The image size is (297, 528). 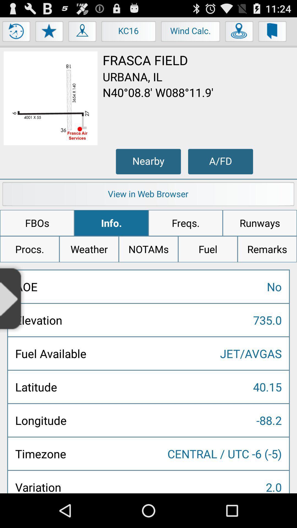 I want to click on location, so click(x=239, y=32).